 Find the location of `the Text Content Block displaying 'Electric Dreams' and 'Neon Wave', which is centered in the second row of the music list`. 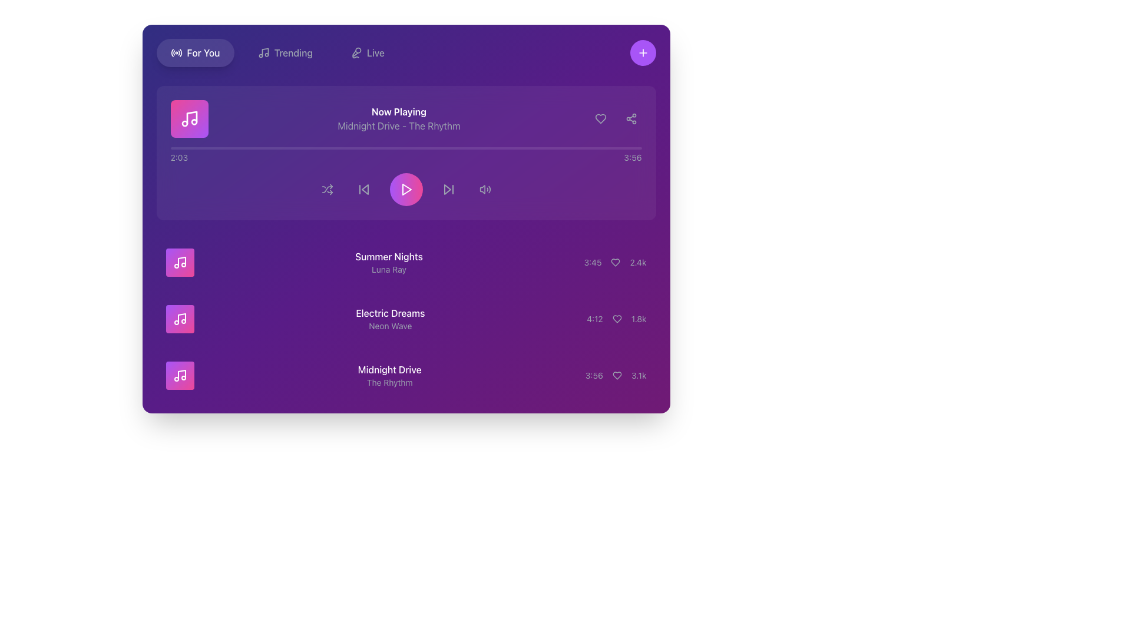

the Text Content Block displaying 'Electric Dreams' and 'Neon Wave', which is centered in the second row of the music list is located at coordinates (390, 319).